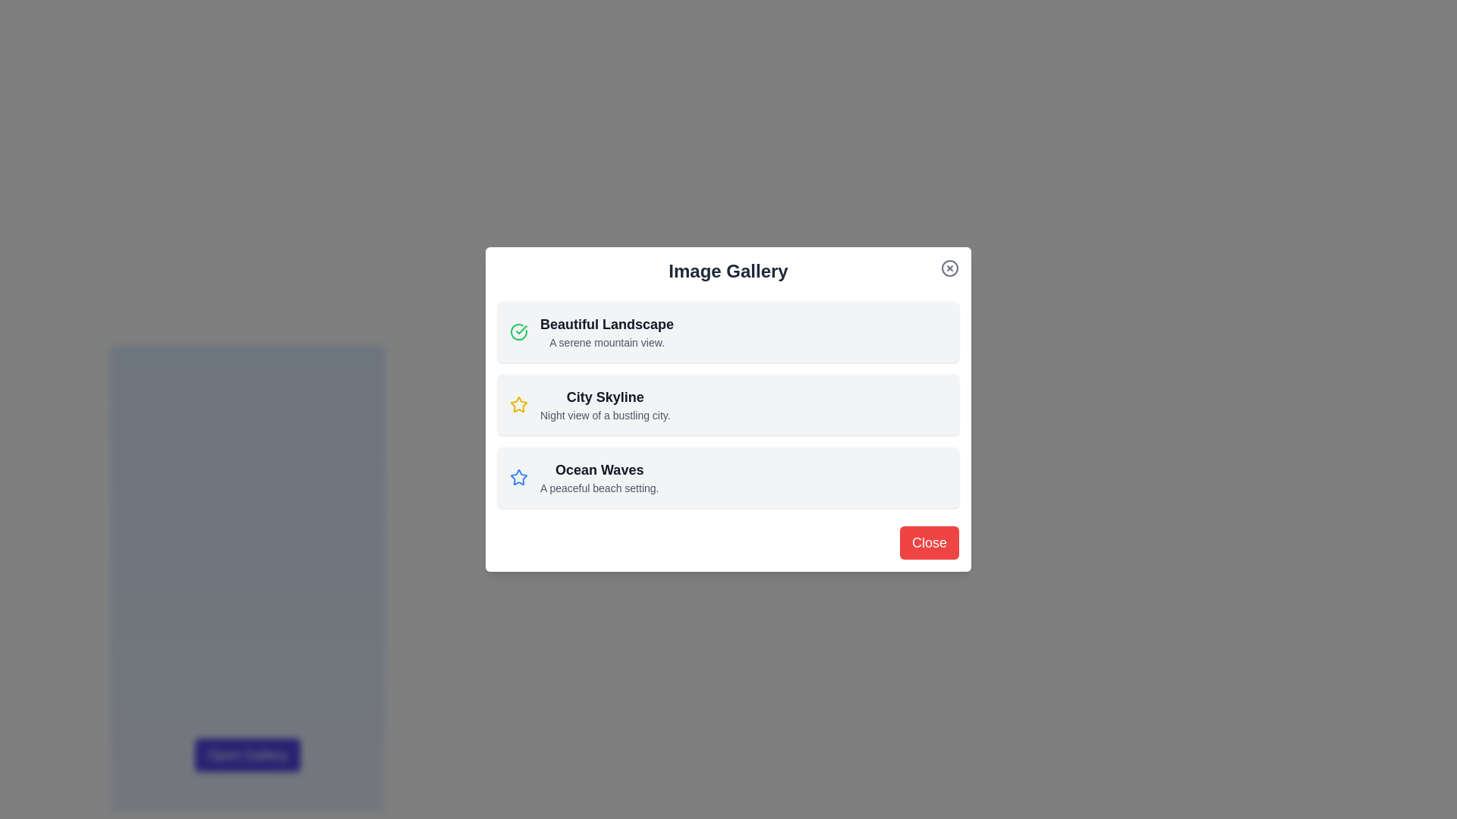  What do you see at coordinates (599, 488) in the screenshot?
I see `the descriptive text stating 'A peaceful beach setting,' which is styled in a small gray font and positioned below the title 'Ocean Waves.'` at bounding box center [599, 488].